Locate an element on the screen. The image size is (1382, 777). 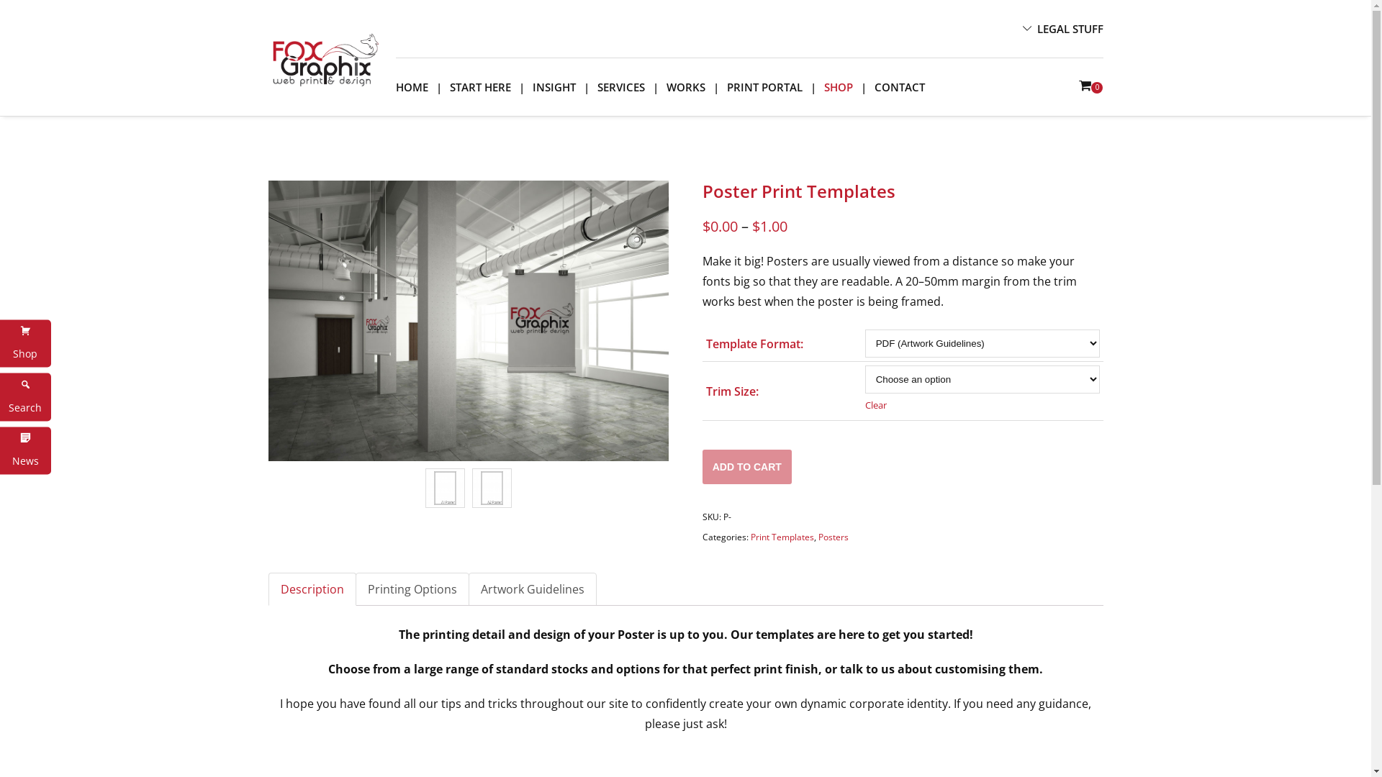
'Print Templates' is located at coordinates (781, 537).